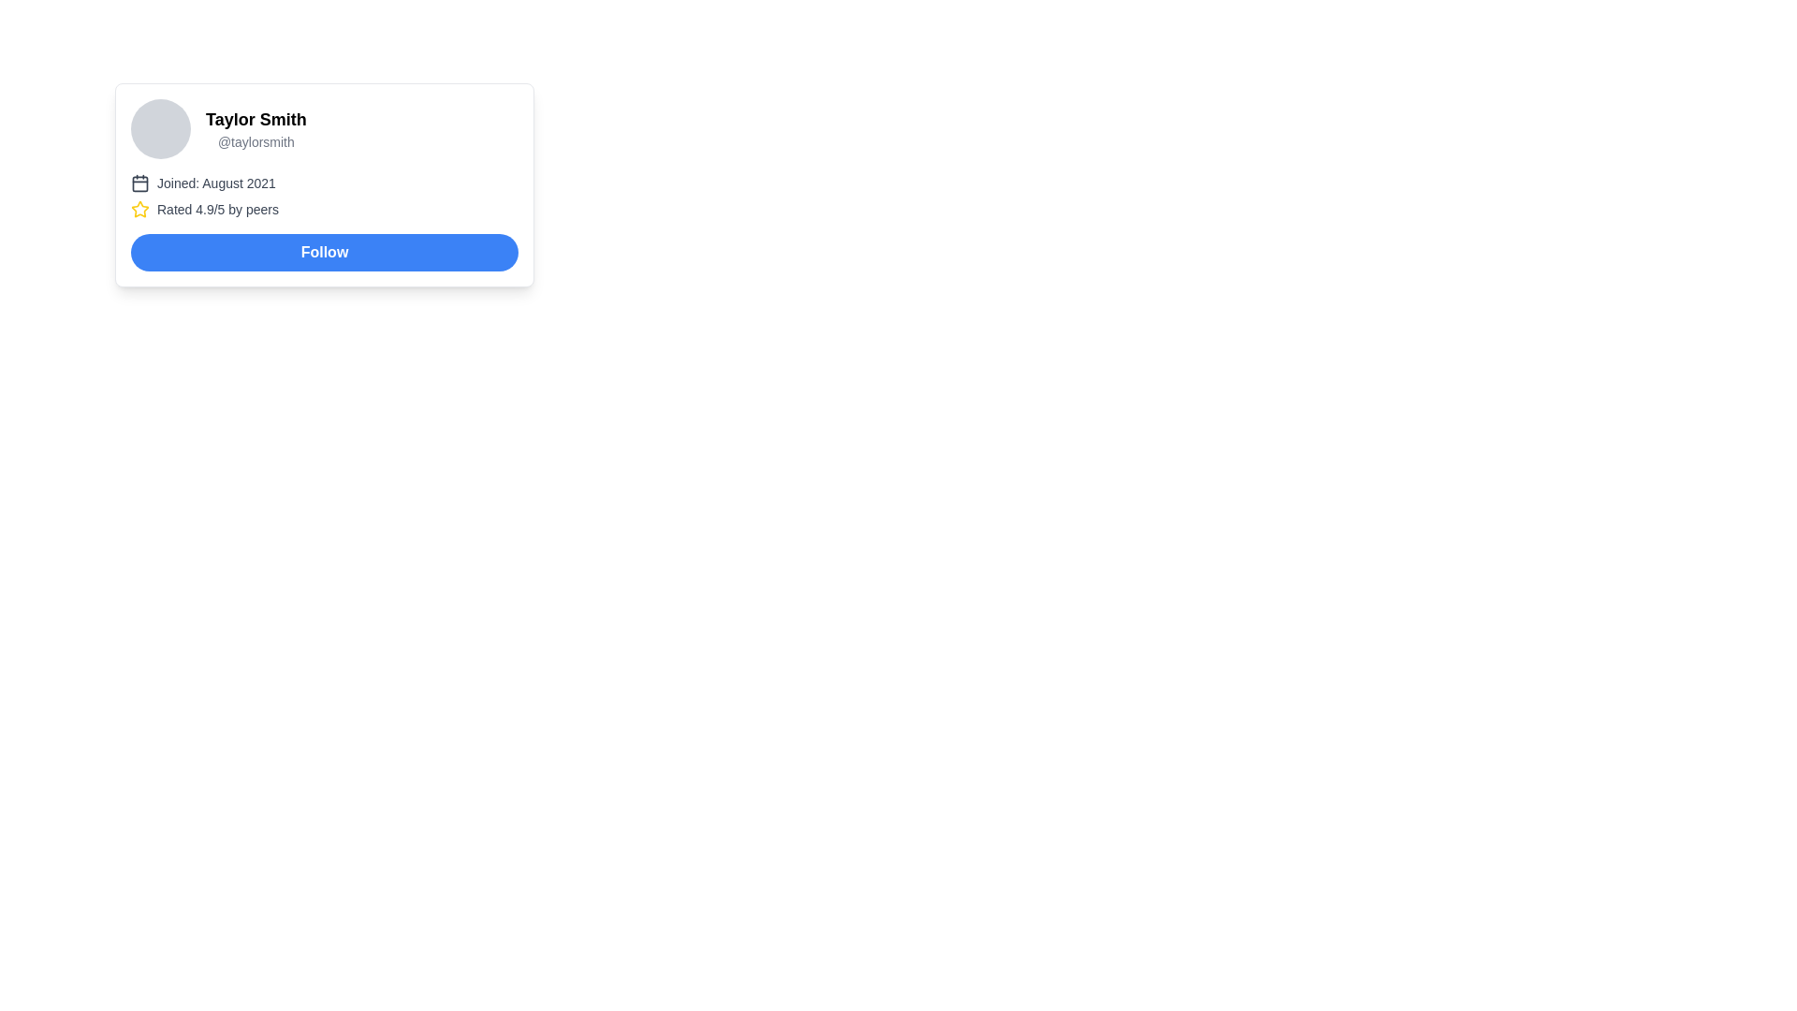 Image resolution: width=1797 pixels, height=1011 pixels. Describe the element at coordinates (217, 209) in the screenshot. I see `the static text displaying 'Rated 4.9/5 by peers' in light gray font, located within the profile card under the user's profile name and description, to the right of the yellow star icon` at that location.